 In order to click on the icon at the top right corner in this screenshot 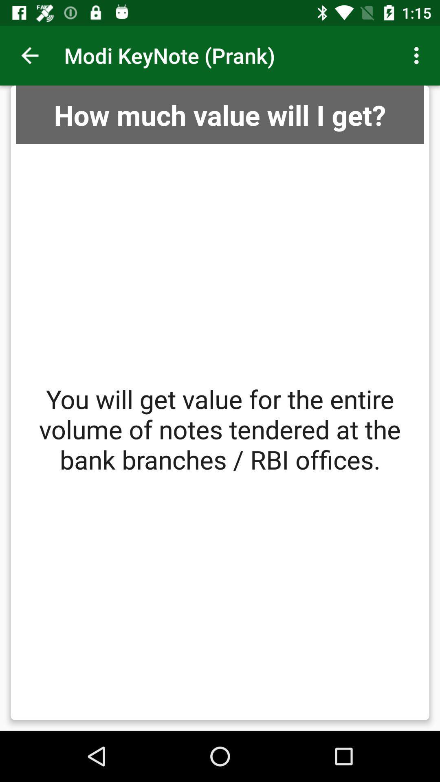, I will do `click(418, 55)`.